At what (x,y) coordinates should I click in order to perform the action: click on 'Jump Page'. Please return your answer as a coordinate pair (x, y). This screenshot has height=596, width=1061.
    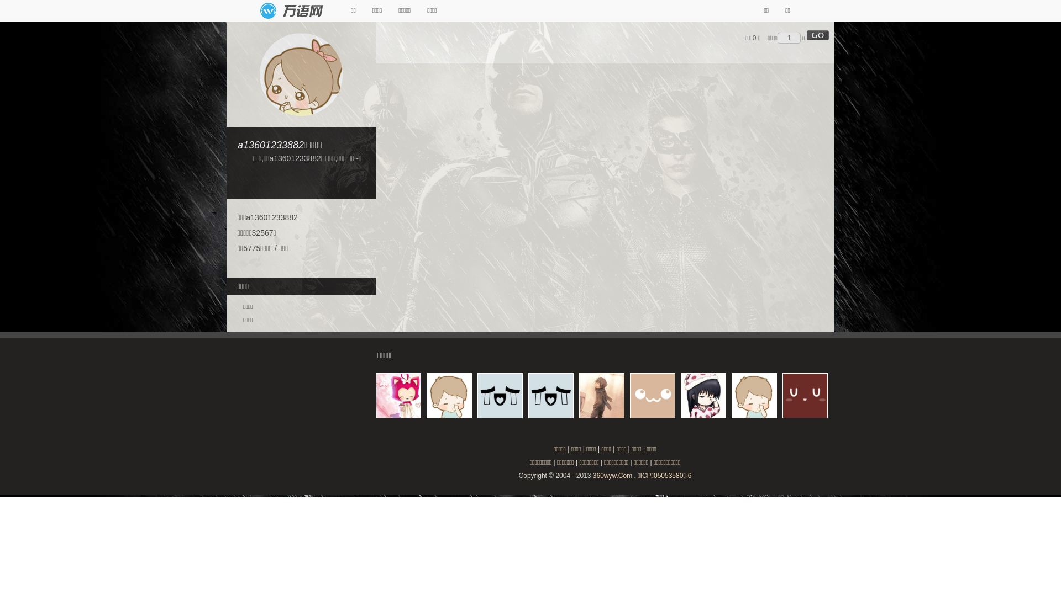
    Looking at the image, I should click on (788, 38).